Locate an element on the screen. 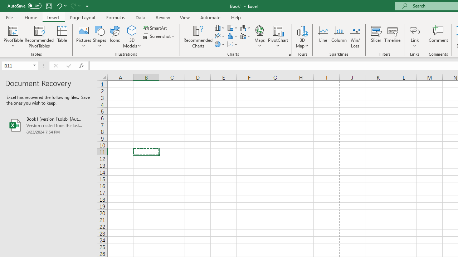  'PivotTable' is located at coordinates (13, 30).